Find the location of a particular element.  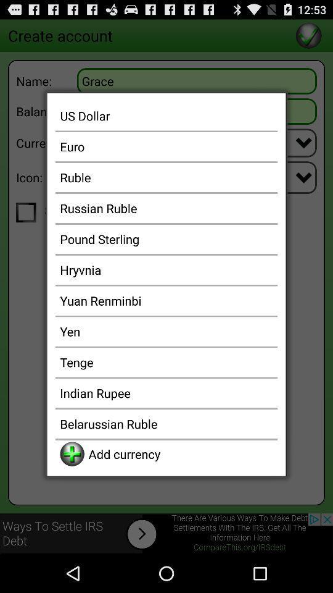

the icon above yen is located at coordinates (166, 300).